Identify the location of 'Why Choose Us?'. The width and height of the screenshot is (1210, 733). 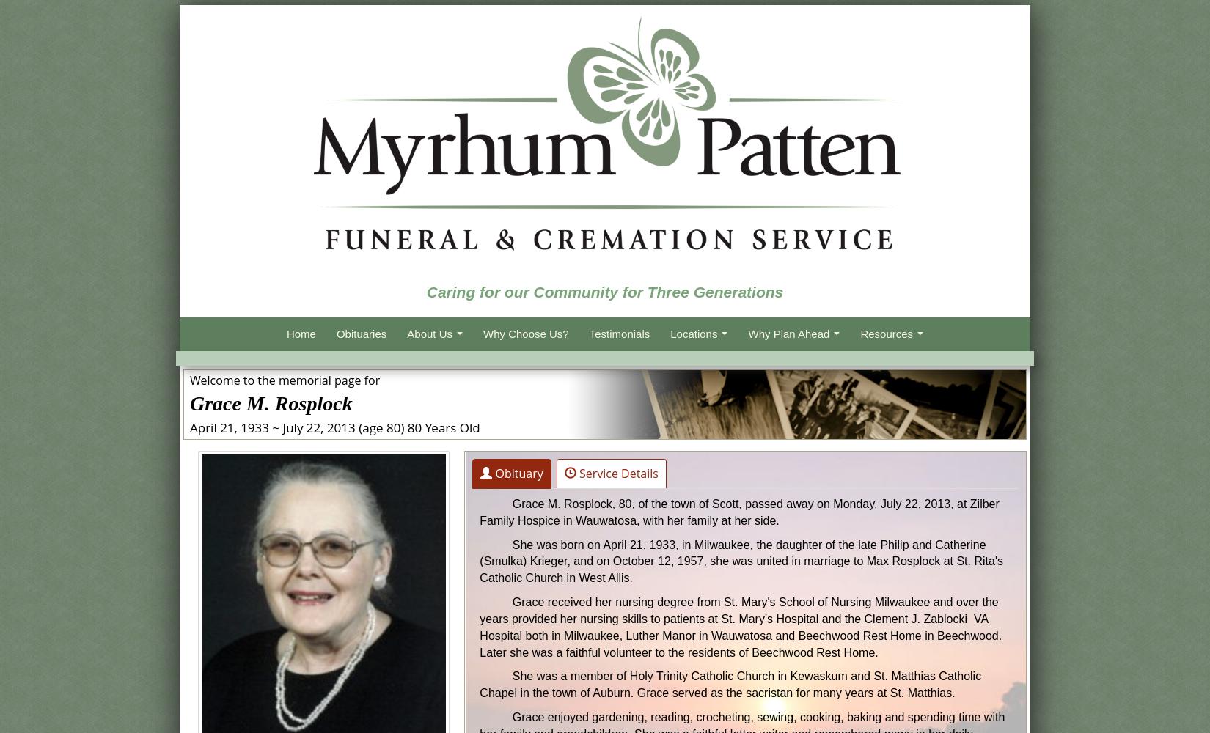
(524, 333).